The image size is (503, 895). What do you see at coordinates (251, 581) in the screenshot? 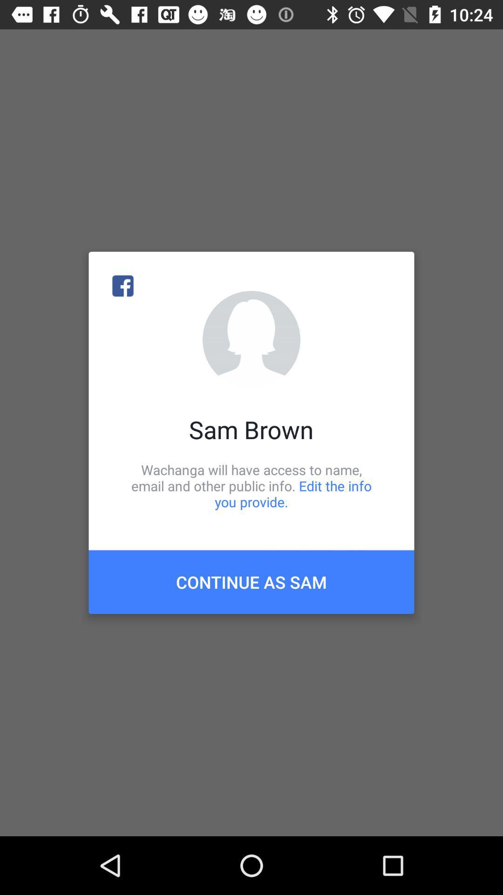
I see `continue as sam item` at bounding box center [251, 581].